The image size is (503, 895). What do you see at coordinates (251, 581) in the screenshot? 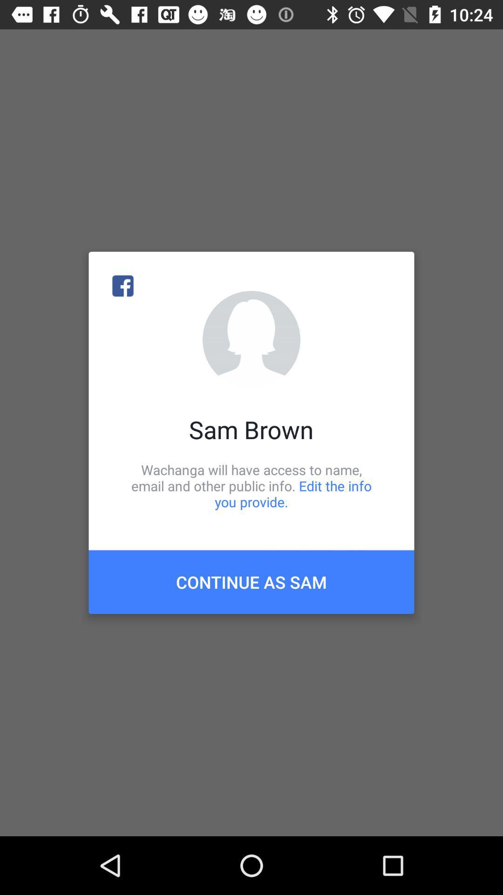
I see `continue as sam item` at bounding box center [251, 581].